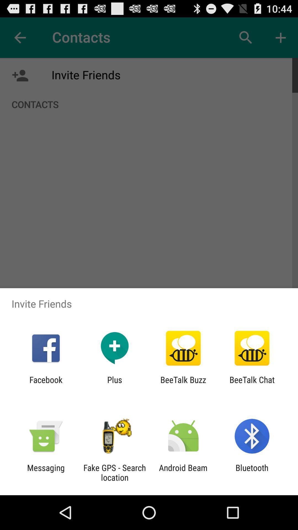  I want to click on plus item, so click(114, 384).